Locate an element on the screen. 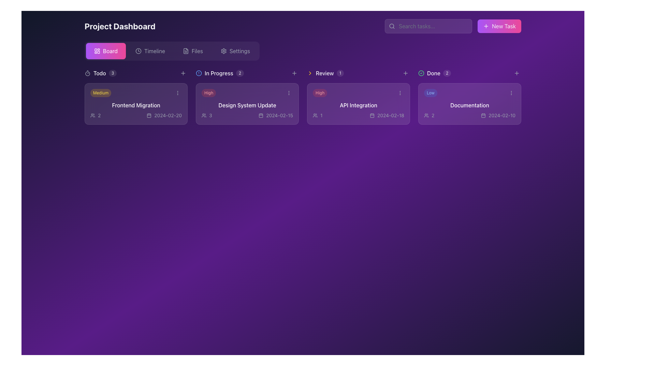 The image size is (655, 368). the bold headline text labeled 'Project Dashboard' located at the top-left of the interface is located at coordinates (120, 26).